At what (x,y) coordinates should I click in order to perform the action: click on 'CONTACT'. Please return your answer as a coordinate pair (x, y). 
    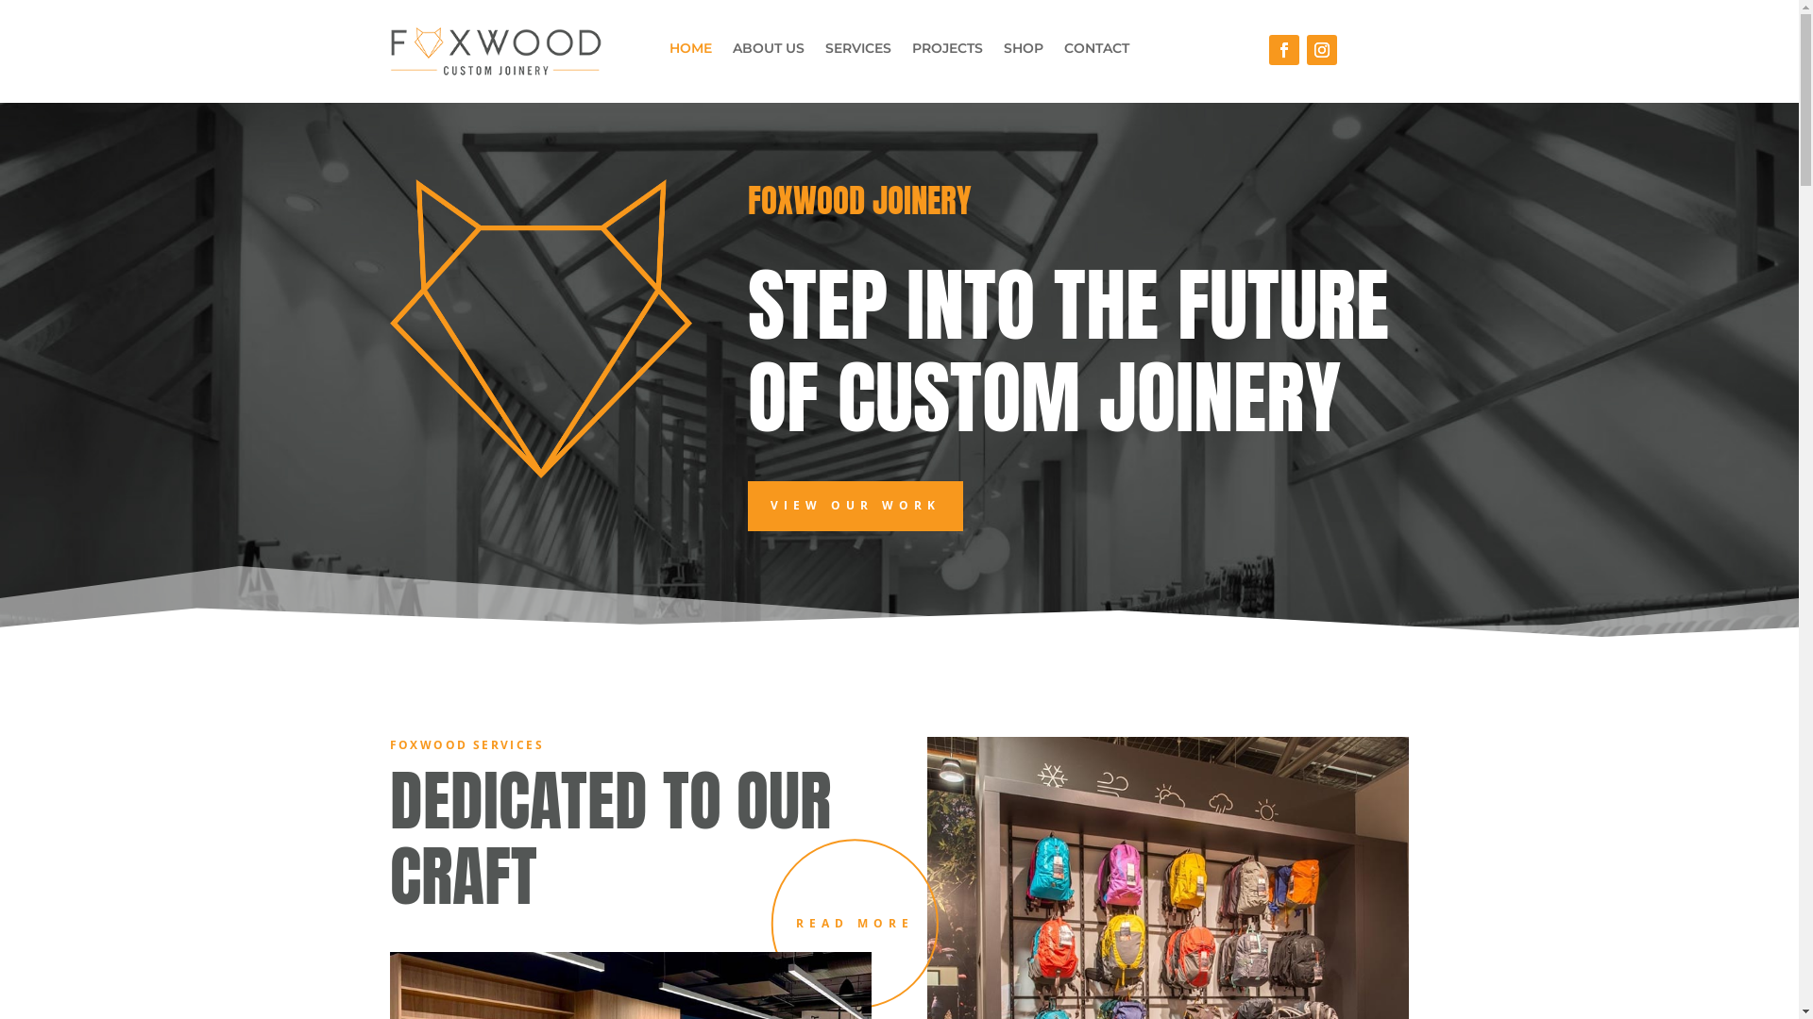
    Looking at the image, I should click on (1064, 50).